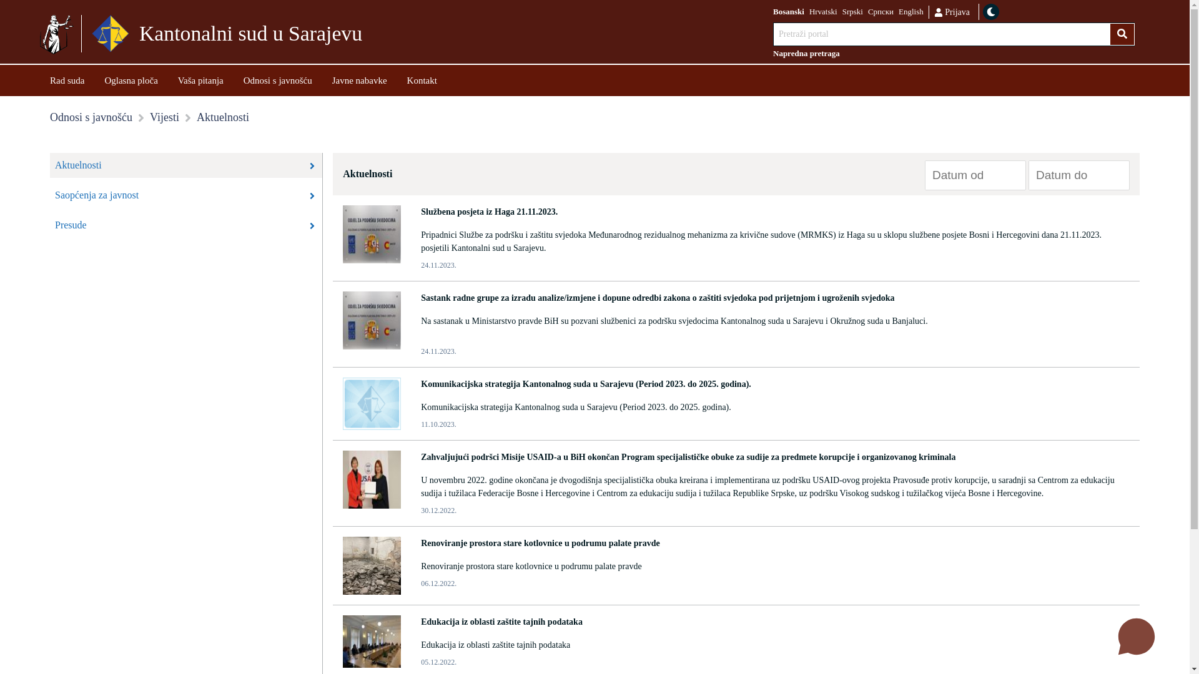  What do you see at coordinates (164, 117) in the screenshot?
I see `'Vijesti'` at bounding box center [164, 117].